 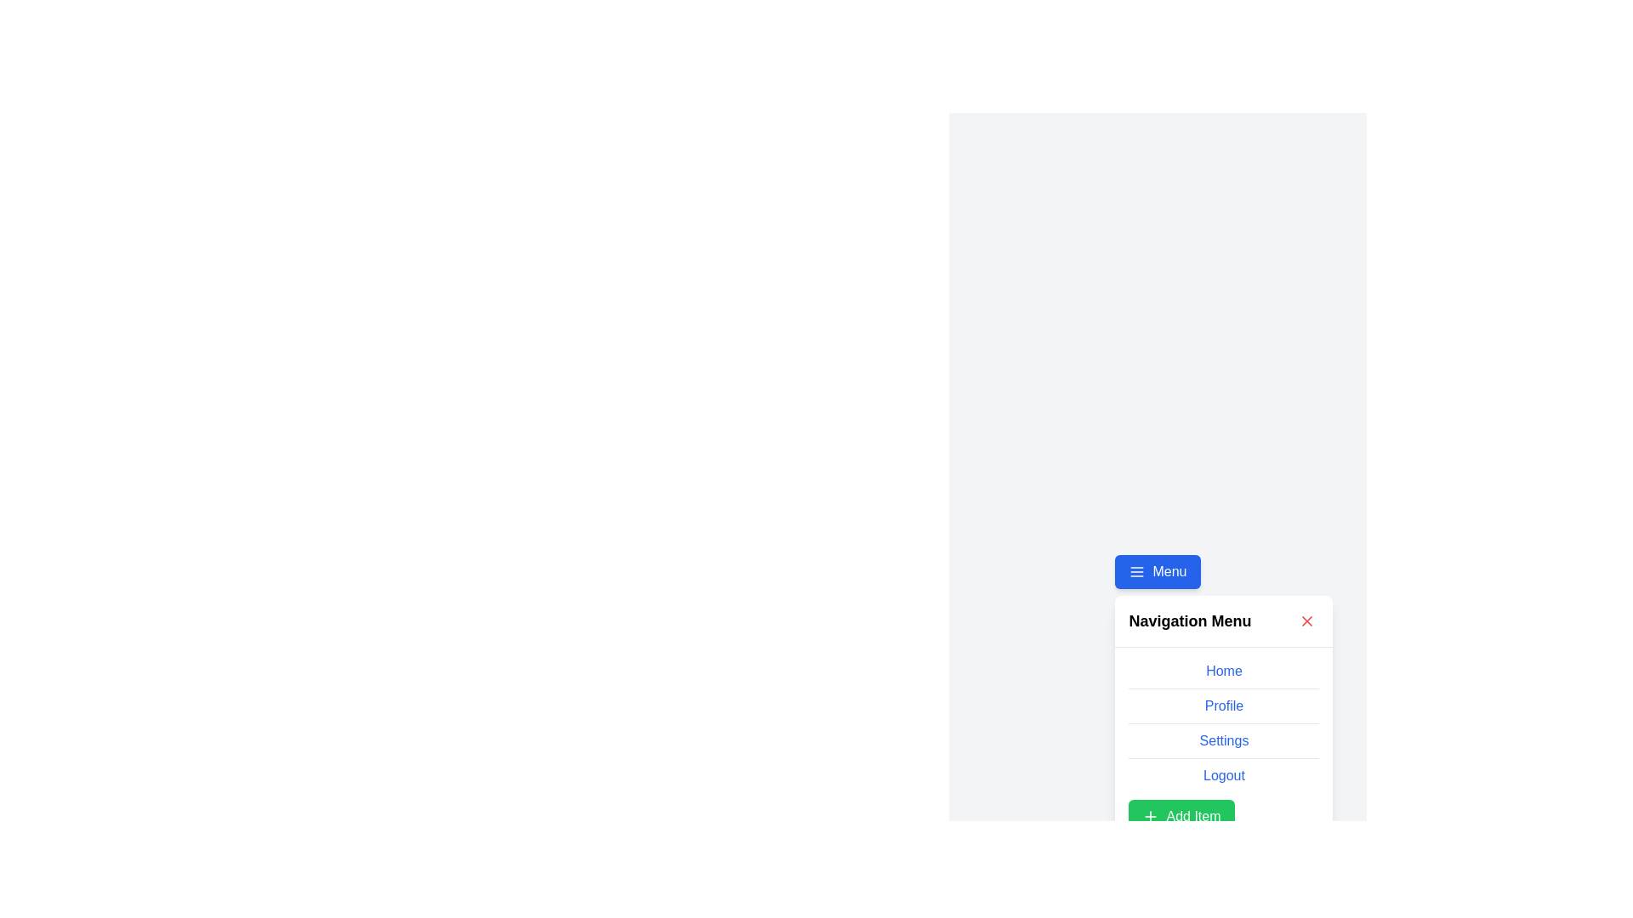 What do you see at coordinates (1223, 739) in the screenshot?
I see `the 'Settings' hyperlink in the navigation menu` at bounding box center [1223, 739].